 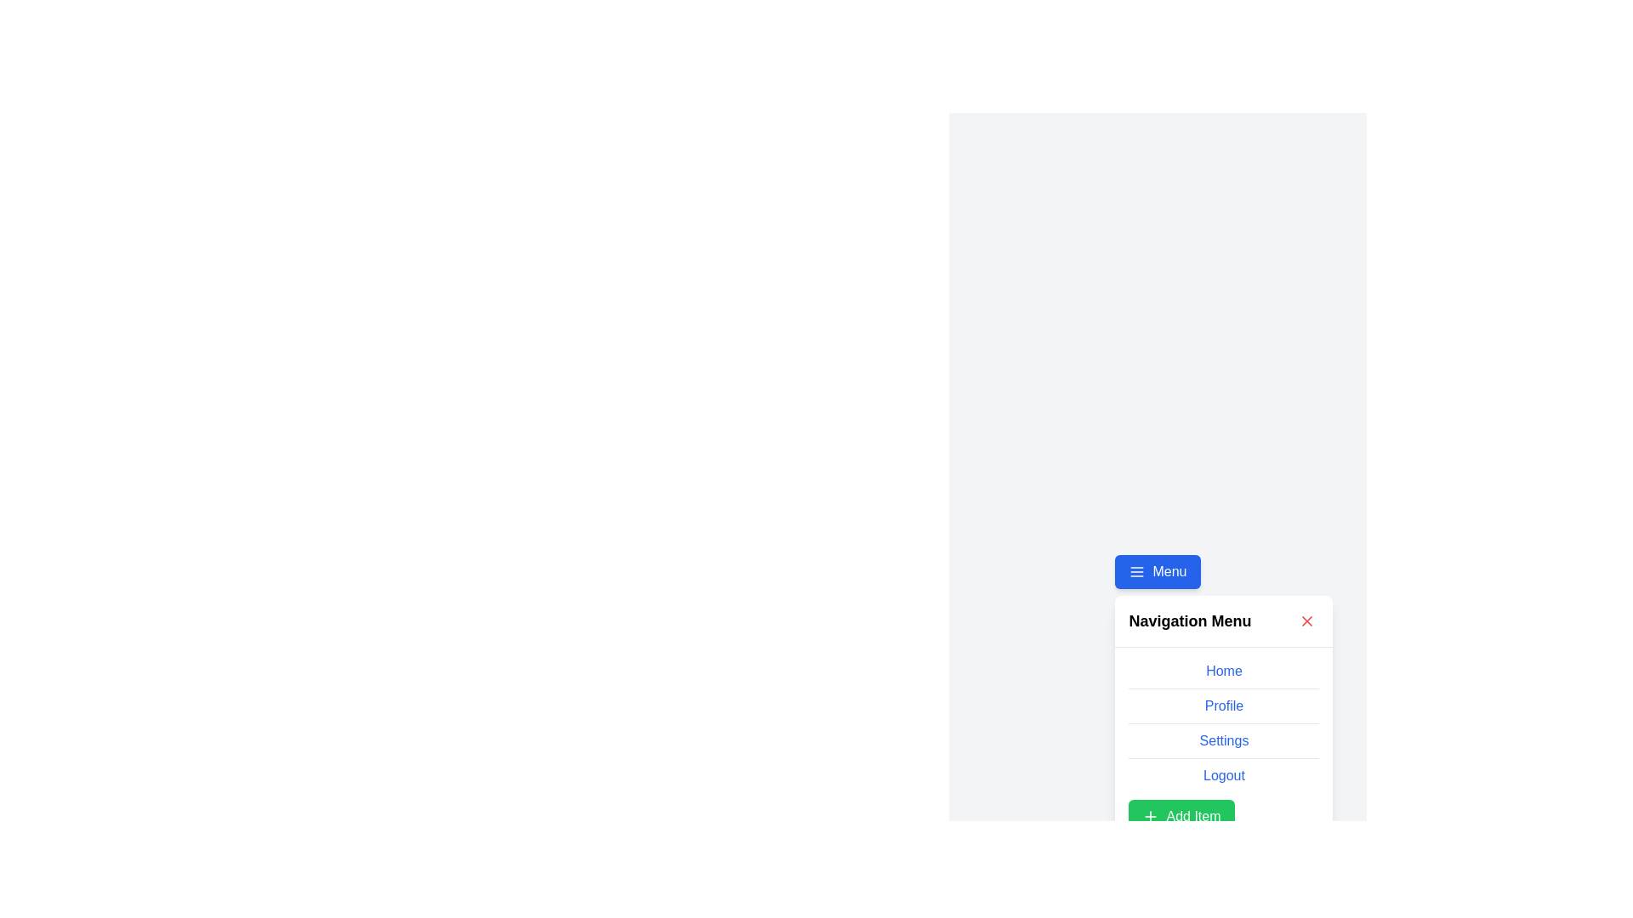 What do you see at coordinates (1223, 739) in the screenshot?
I see `the 'Settings' hyperlink in the navigation menu` at bounding box center [1223, 739].